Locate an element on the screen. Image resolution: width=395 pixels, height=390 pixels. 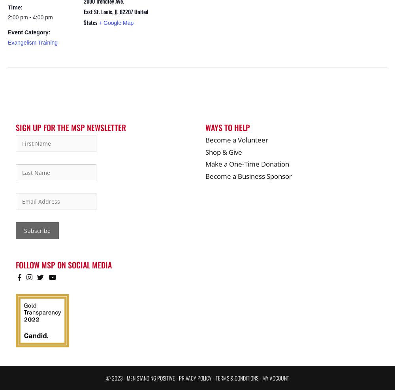
'FOLLOW MSP ON SOCIAL MEDIA' is located at coordinates (16, 264).